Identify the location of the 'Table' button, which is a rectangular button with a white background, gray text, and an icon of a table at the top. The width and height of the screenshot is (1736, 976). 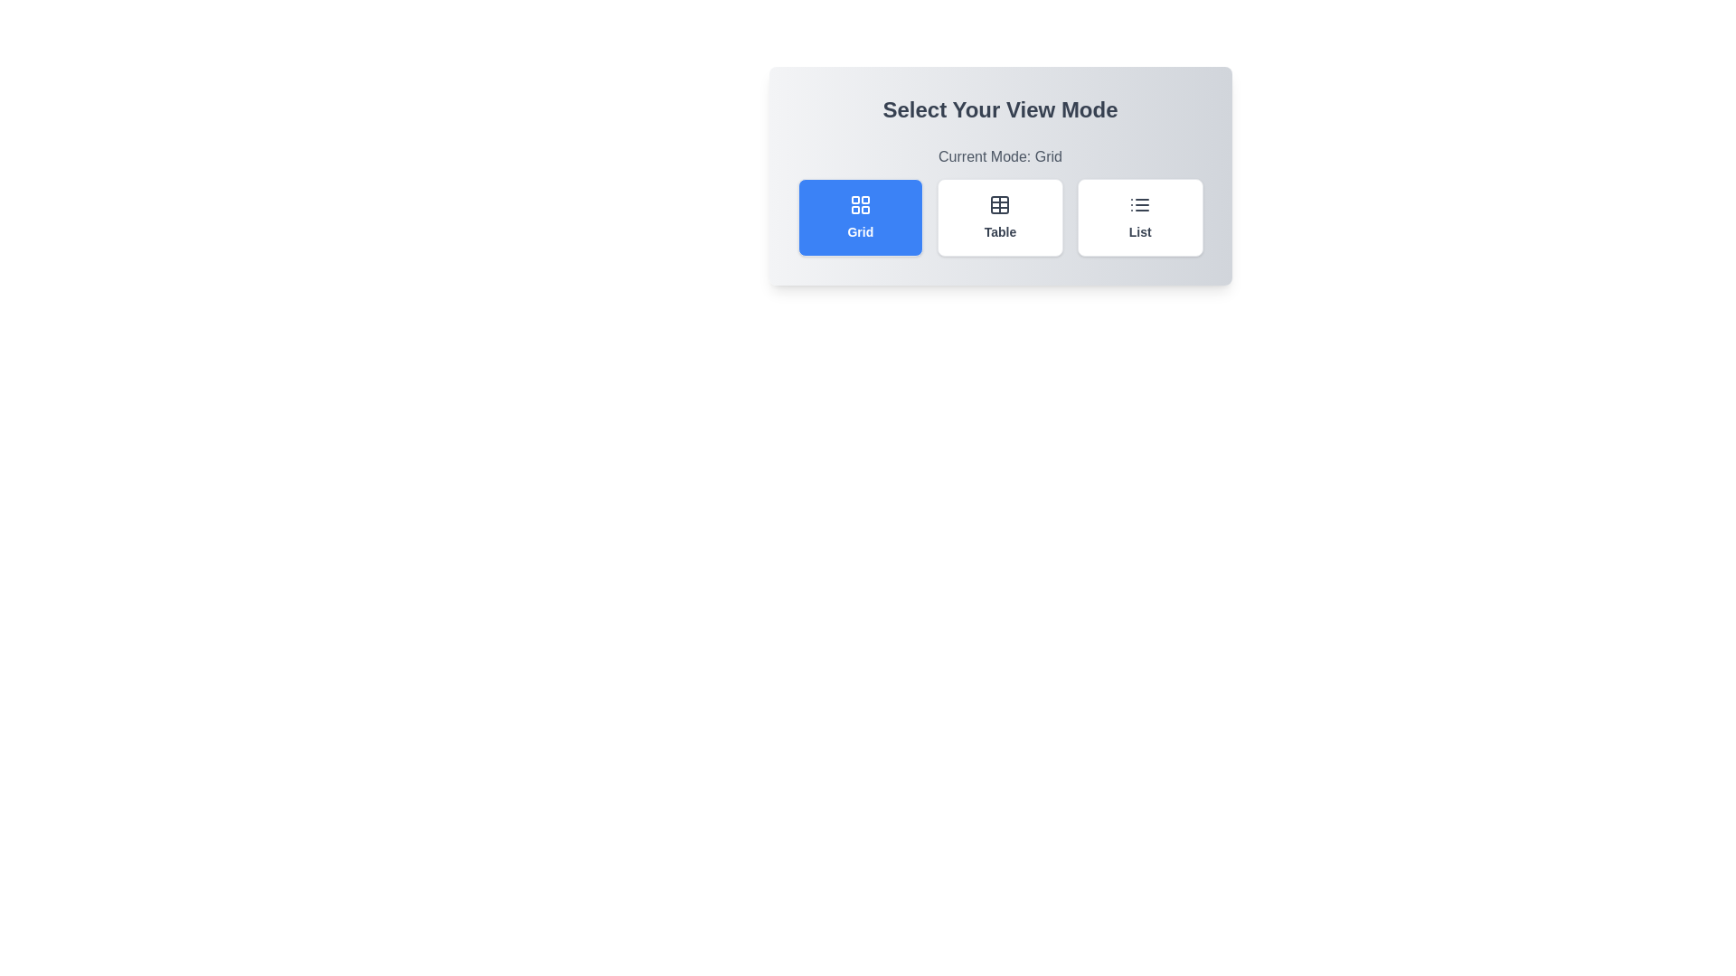
(999, 216).